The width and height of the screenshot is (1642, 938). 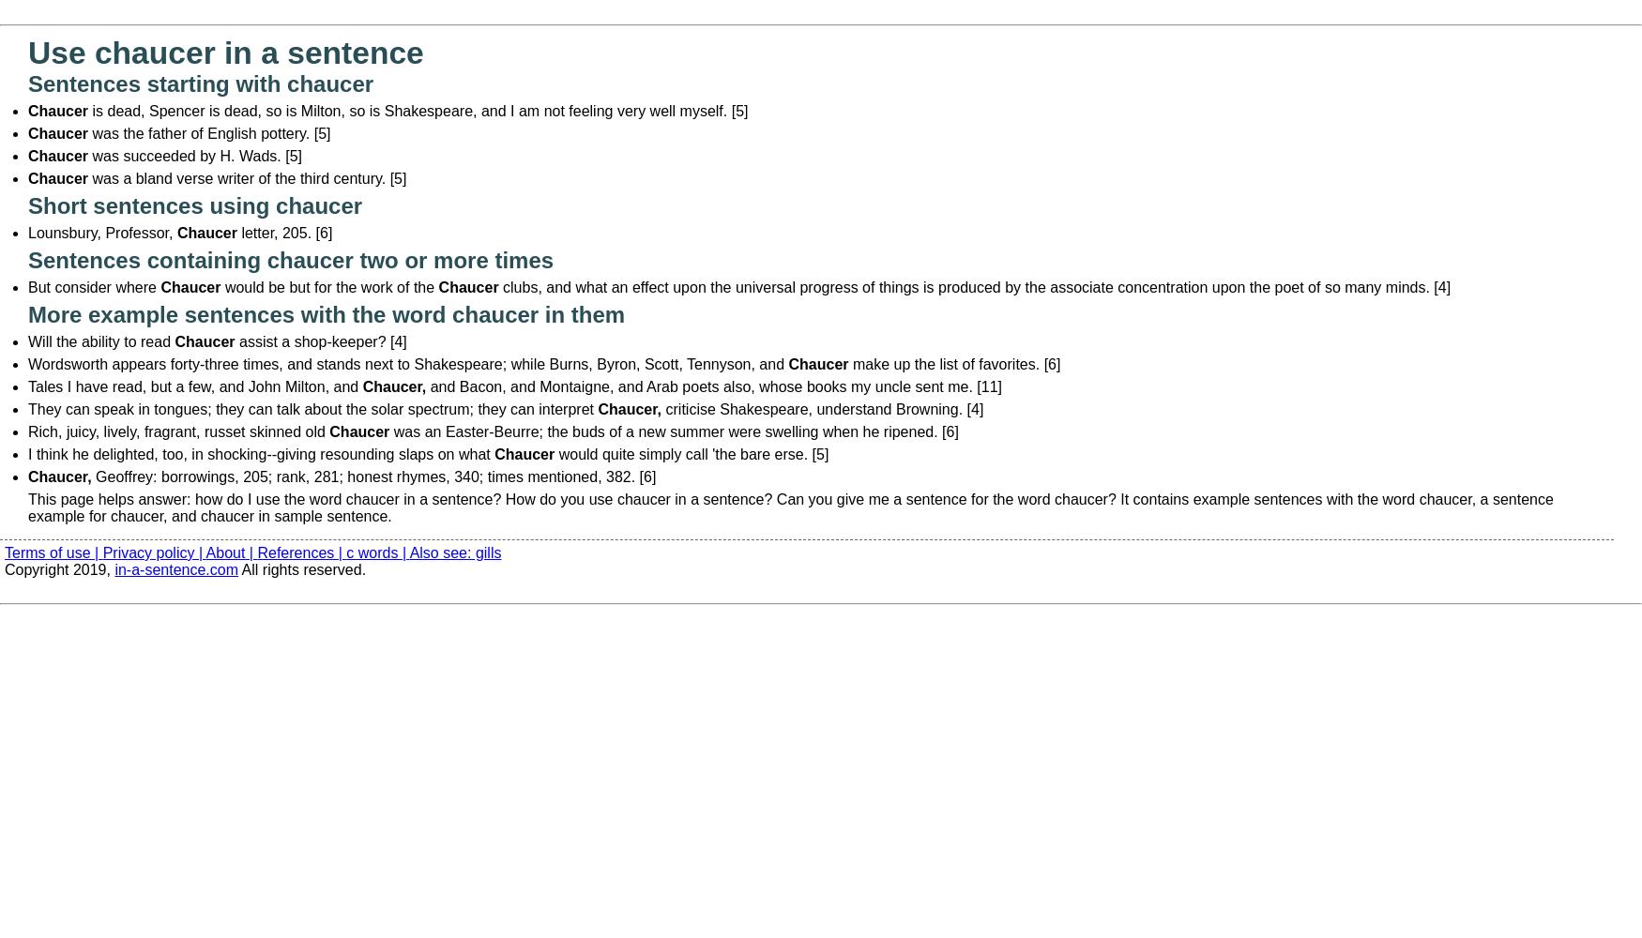 What do you see at coordinates (87, 156) in the screenshot?
I see `'was succeeded by H. Wads. [5]'` at bounding box center [87, 156].